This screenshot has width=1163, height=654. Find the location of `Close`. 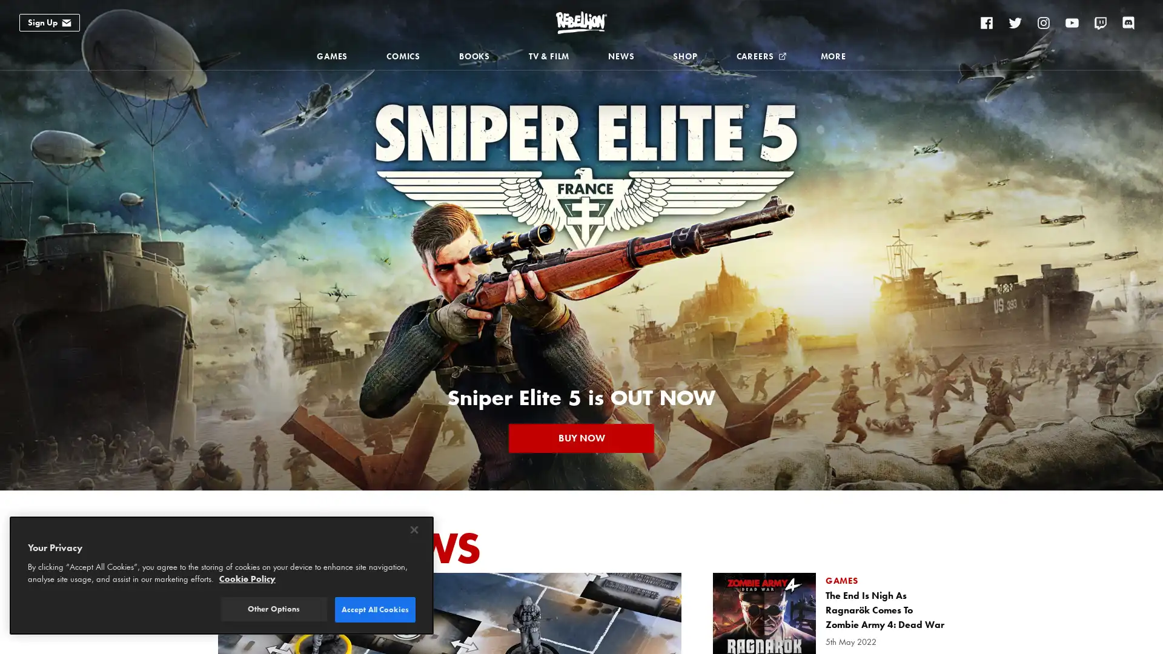

Close is located at coordinates (414, 529).